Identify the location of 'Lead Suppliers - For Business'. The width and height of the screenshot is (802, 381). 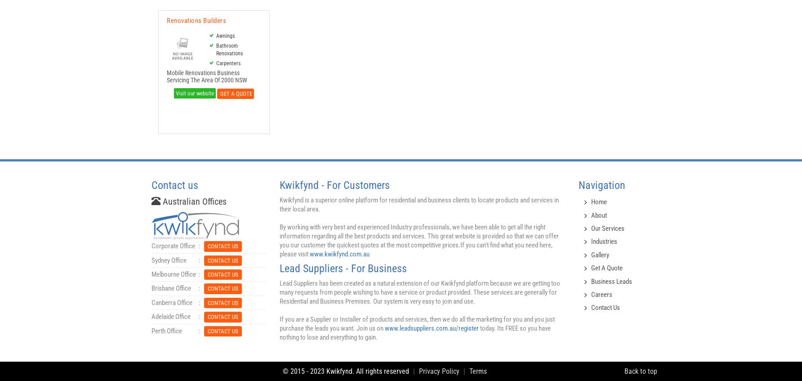
(279, 268).